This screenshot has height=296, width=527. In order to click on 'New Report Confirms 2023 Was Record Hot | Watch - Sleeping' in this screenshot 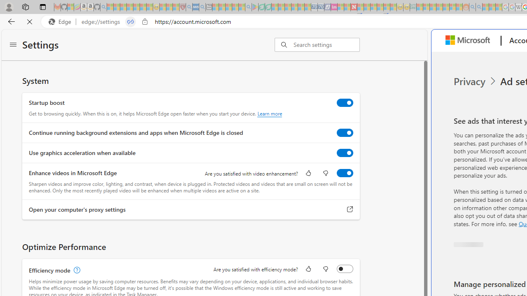, I will do `click(136, 7)`.